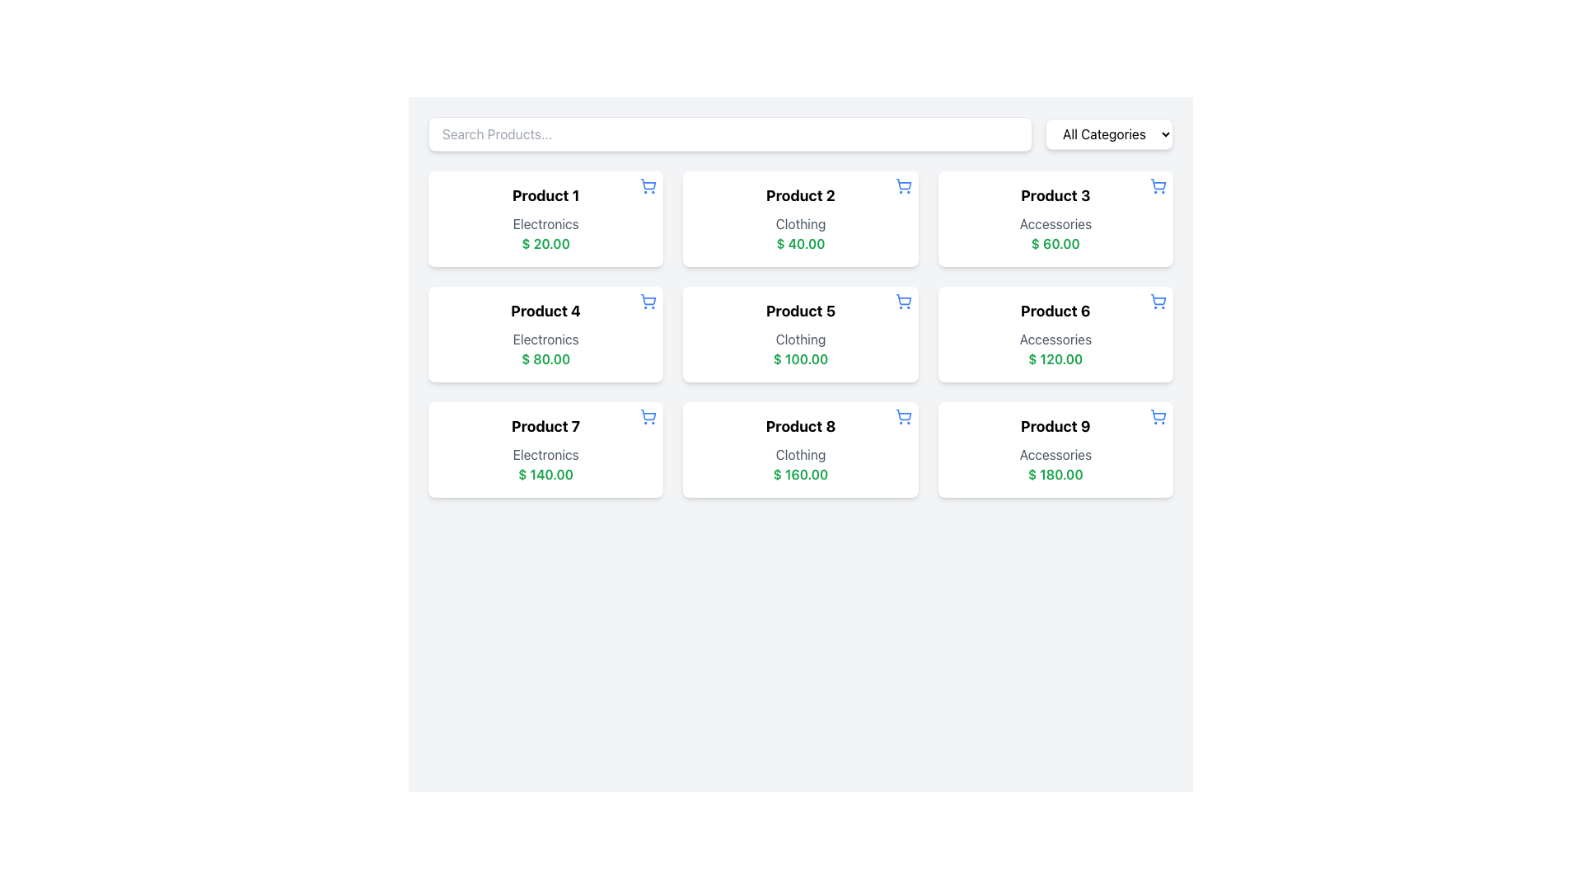 The image size is (1582, 890). I want to click on the Text Label displaying the product category for 'Product 4', located beneath the heading and above the price '$ 80.00', so click(545, 339).